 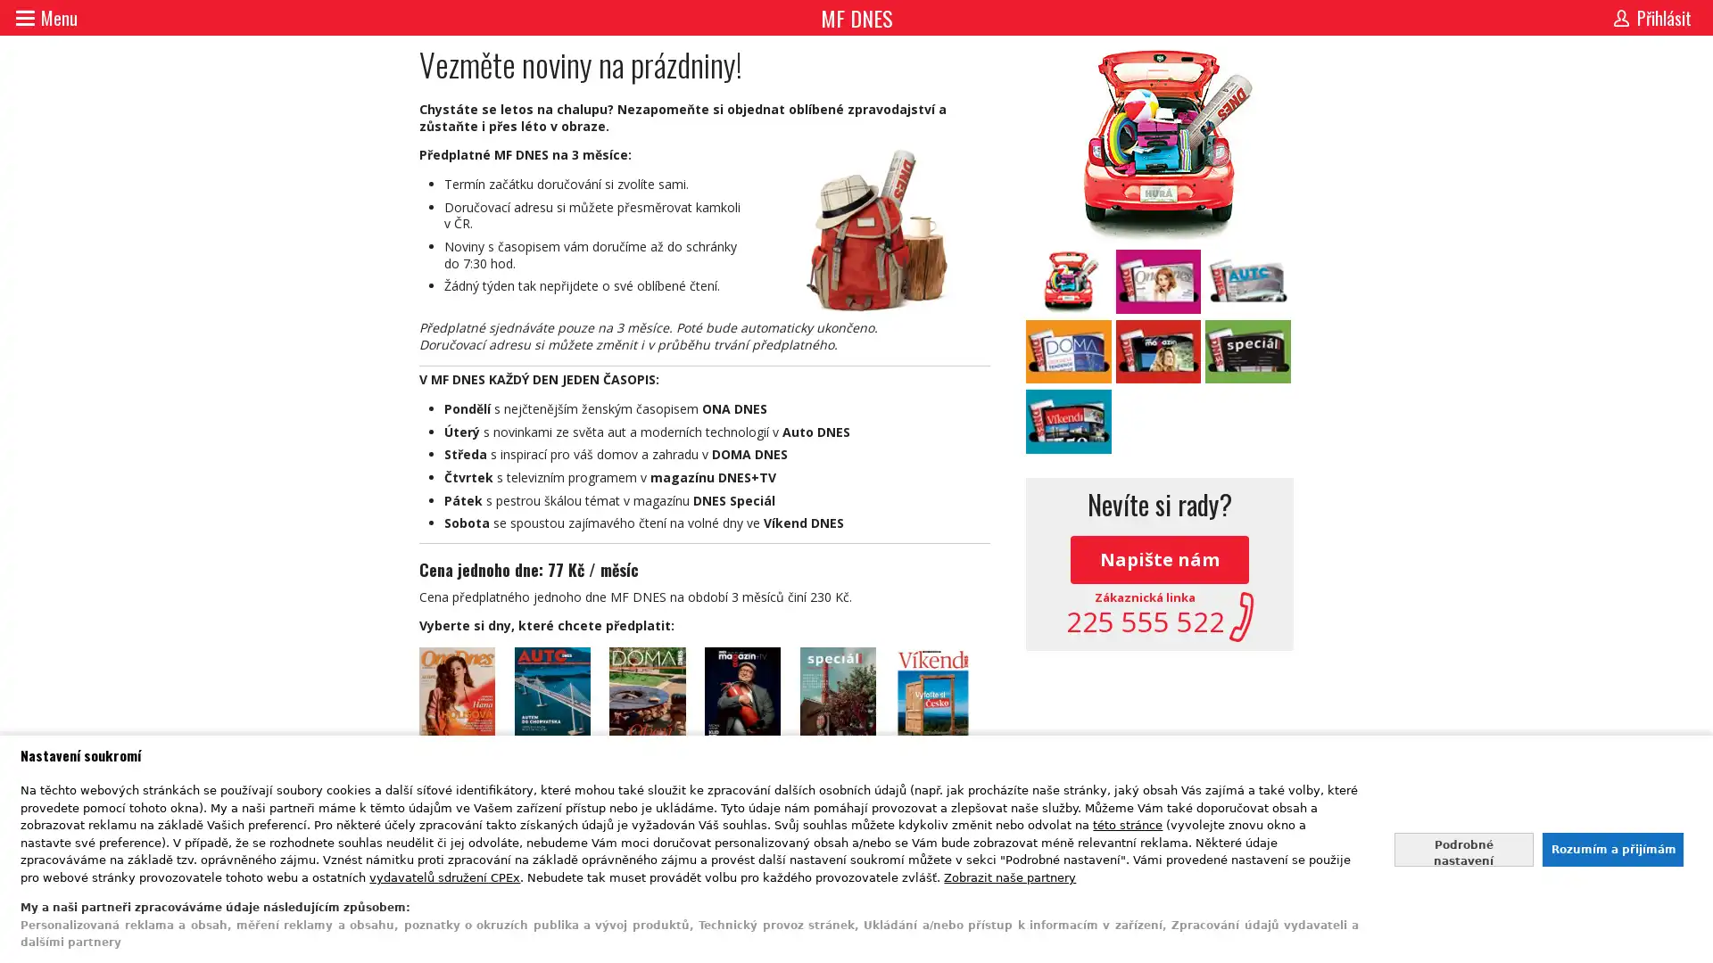 What do you see at coordinates (1010, 876) in the screenshot?
I see `Zobrazit nase partnery` at bounding box center [1010, 876].